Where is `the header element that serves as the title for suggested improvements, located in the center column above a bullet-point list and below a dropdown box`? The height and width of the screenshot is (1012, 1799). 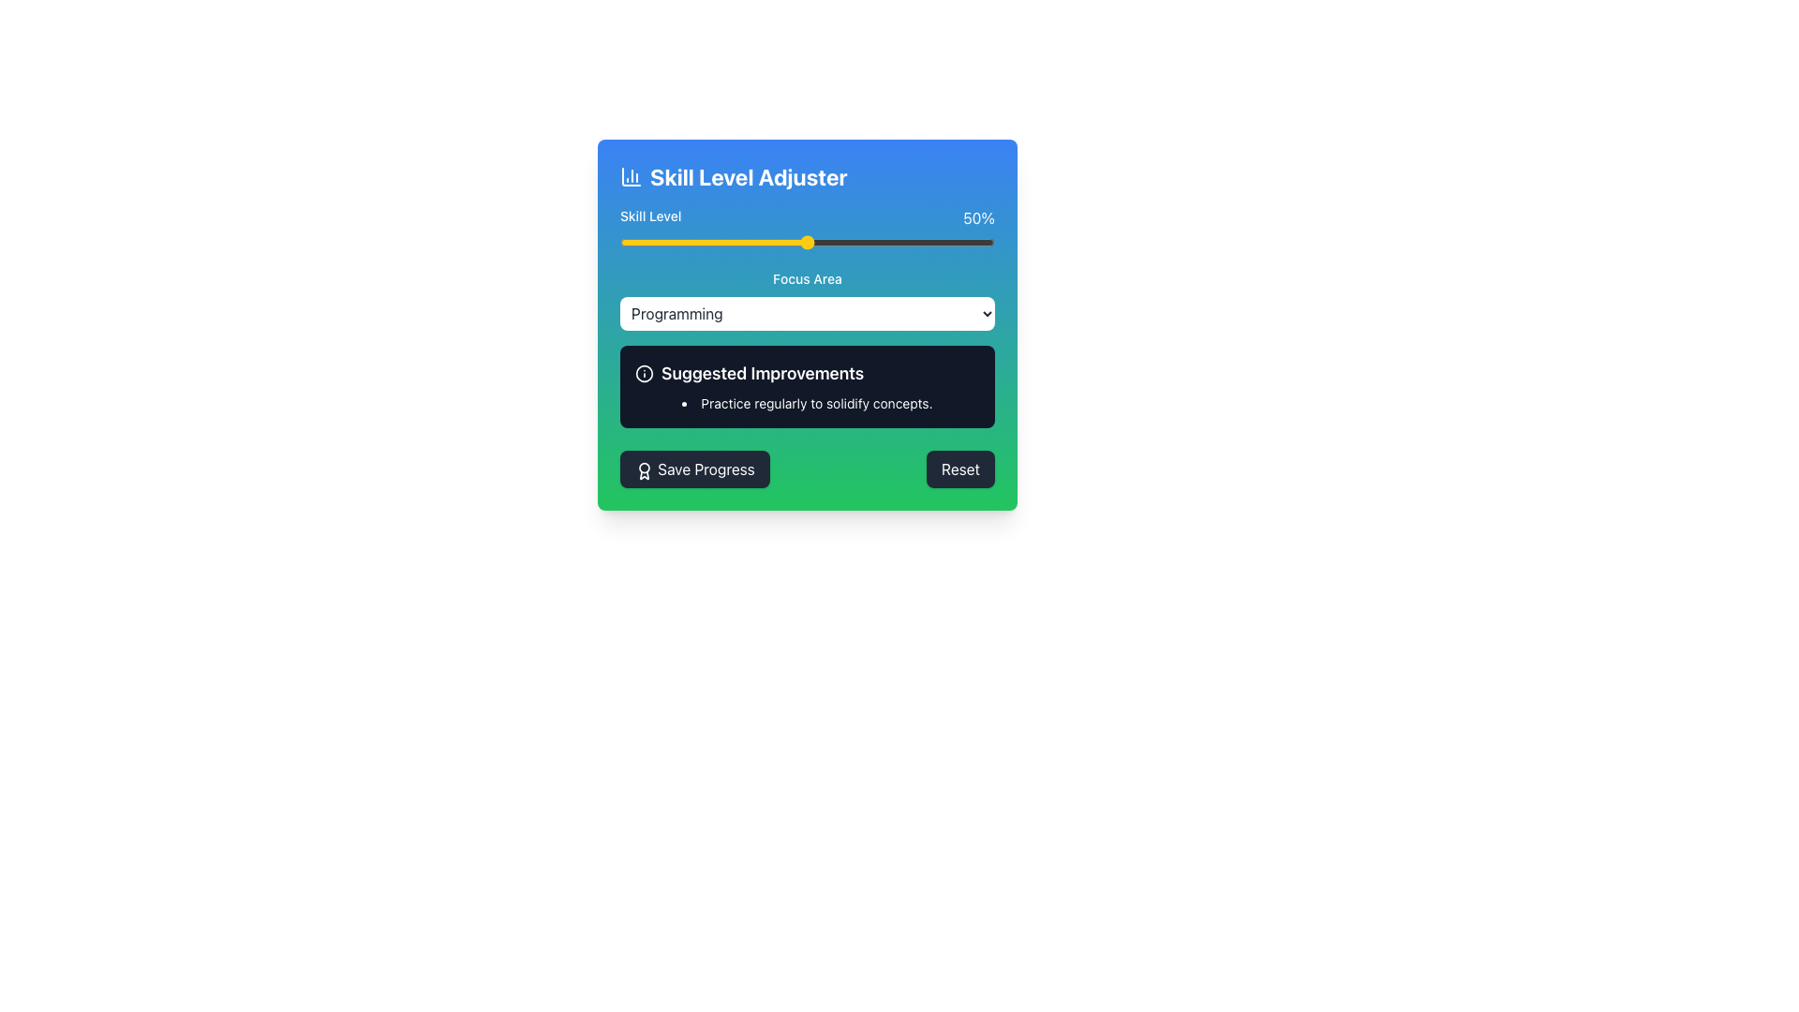
the header element that serves as the title for suggested improvements, located in the center column above a bullet-point list and below a dropdown box is located at coordinates (808, 373).